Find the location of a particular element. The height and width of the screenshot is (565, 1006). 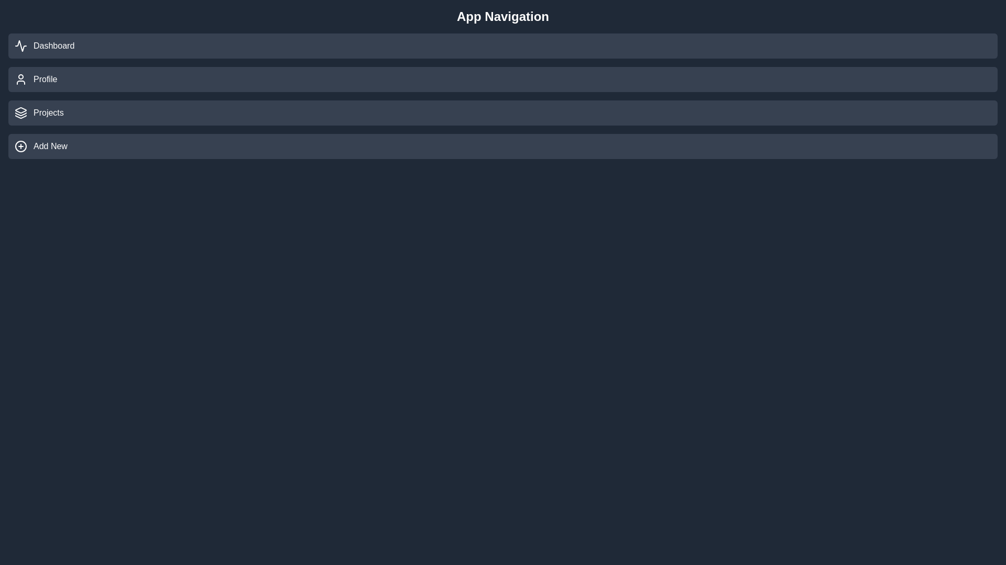

text label displaying 'Profile', which is part of the menu section adjacent to the user icon on a dark gray background is located at coordinates (45, 78).